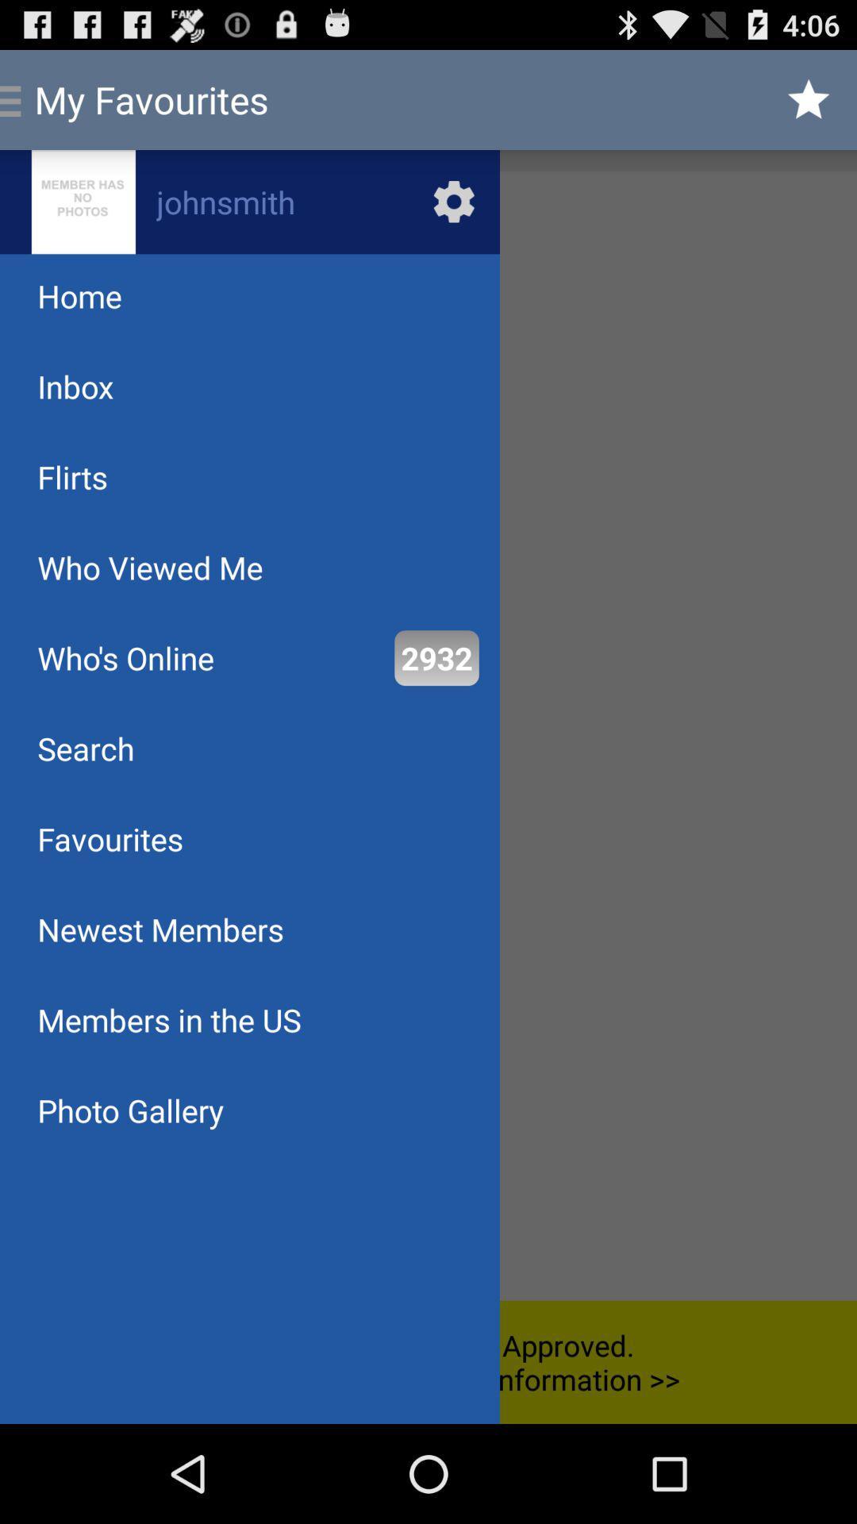  I want to click on icon above the search item, so click(125, 658).